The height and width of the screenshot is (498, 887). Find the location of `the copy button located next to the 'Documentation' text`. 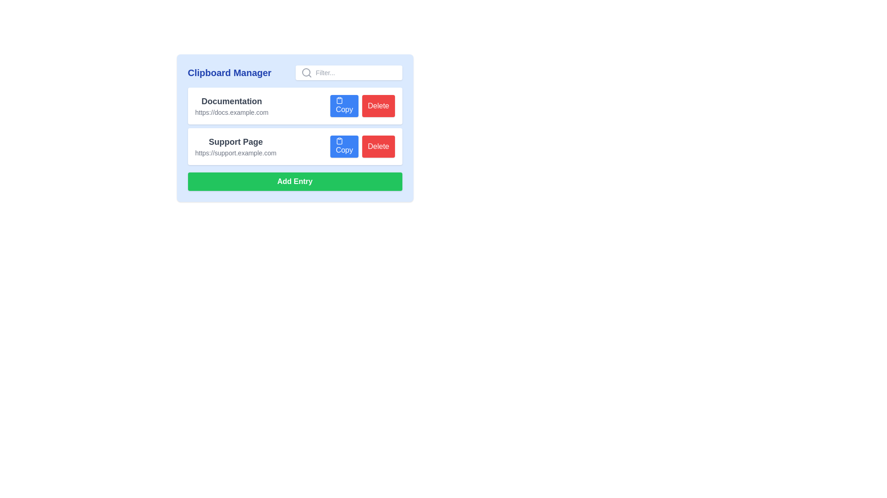

the copy button located next to the 'Documentation' text is located at coordinates (344, 106).